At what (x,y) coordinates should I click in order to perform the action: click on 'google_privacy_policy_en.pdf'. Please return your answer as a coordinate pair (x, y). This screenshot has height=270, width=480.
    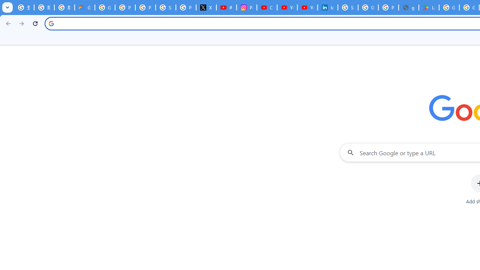
    Looking at the image, I should click on (408, 7).